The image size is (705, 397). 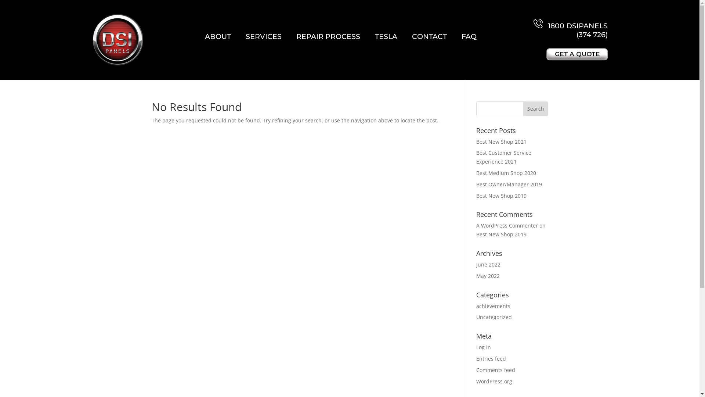 What do you see at coordinates (570, 28) in the screenshot?
I see `'1800 DSIPANELS` at bounding box center [570, 28].